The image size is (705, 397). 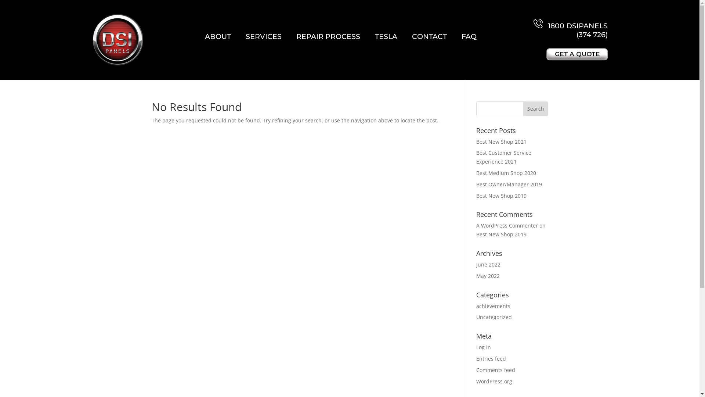 What do you see at coordinates (570, 28) in the screenshot?
I see `'1800 DSIPANELS` at bounding box center [570, 28].